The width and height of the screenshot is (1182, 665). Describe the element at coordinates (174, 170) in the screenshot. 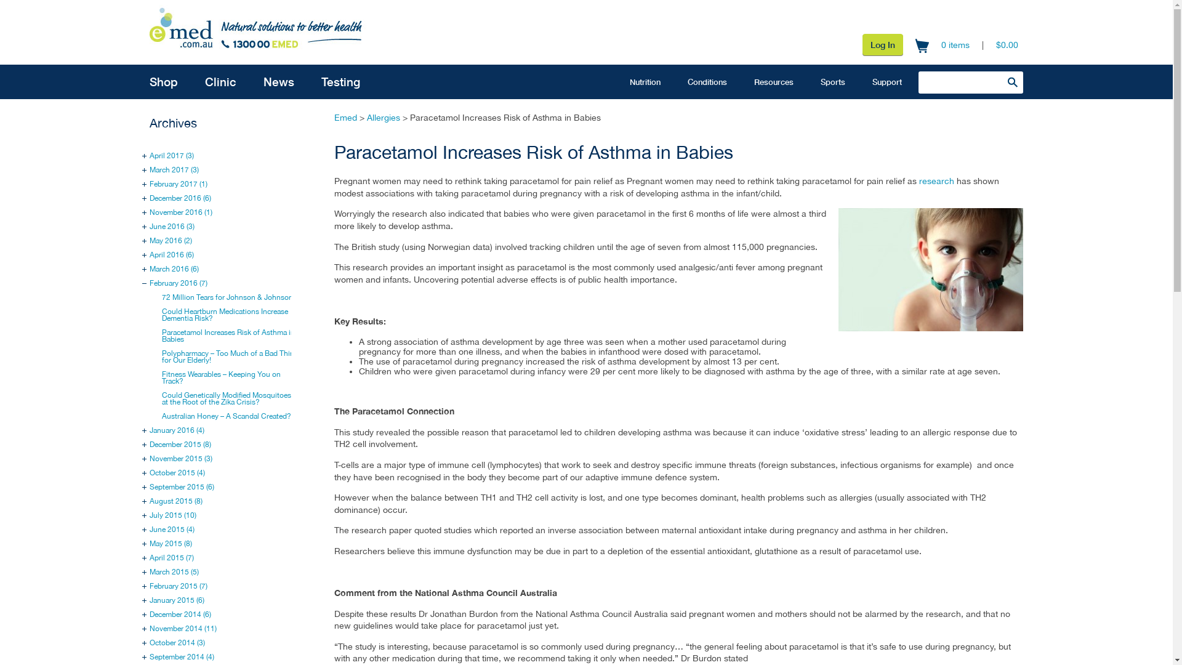

I see `'March 2017 (3)'` at that location.